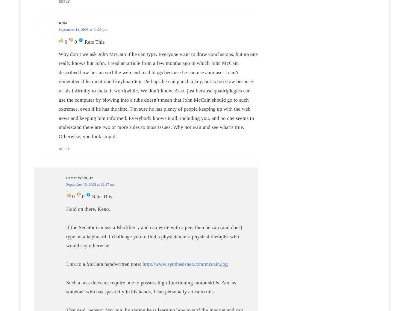 Image resolution: width=409 pixels, height=311 pixels. Describe the element at coordinates (66, 287) in the screenshot. I see `'Such a task does not require one to possess high-functioning motor skills. And as someone who has spasticity in his hands, I can personally attest to this.'` at that location.